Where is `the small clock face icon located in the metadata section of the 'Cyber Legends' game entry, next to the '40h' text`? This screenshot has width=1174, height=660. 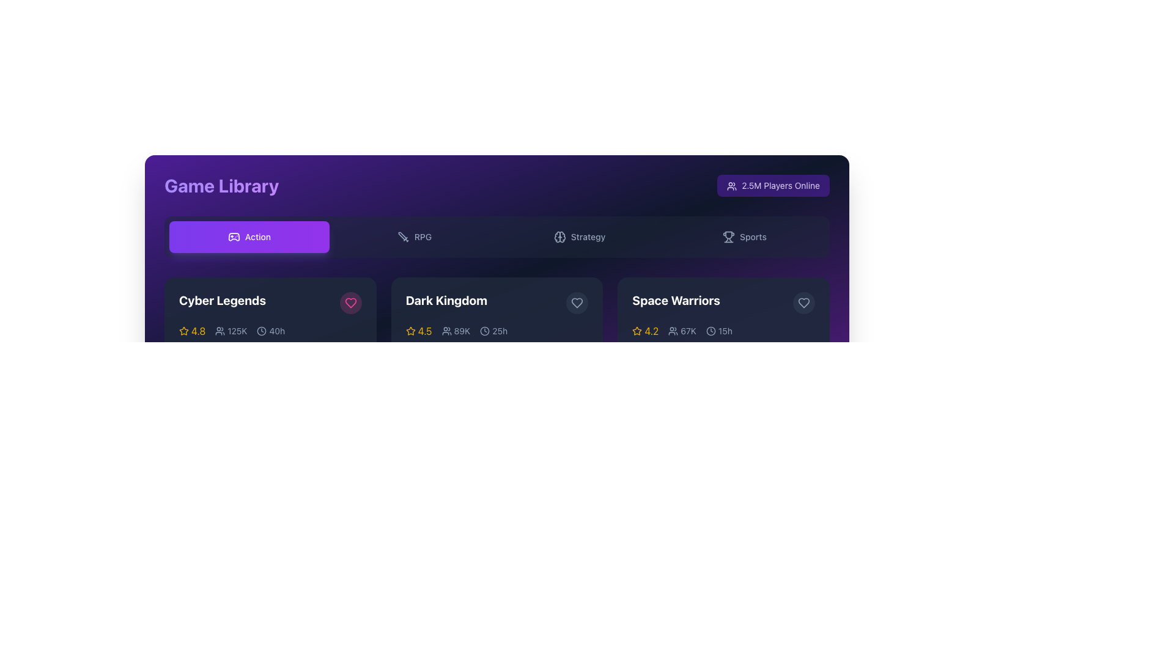
the small clock face icon located in the metadata section of the 'Cyber Legends' game entry, next to the '40h' text is located at coordinates (261, 331).